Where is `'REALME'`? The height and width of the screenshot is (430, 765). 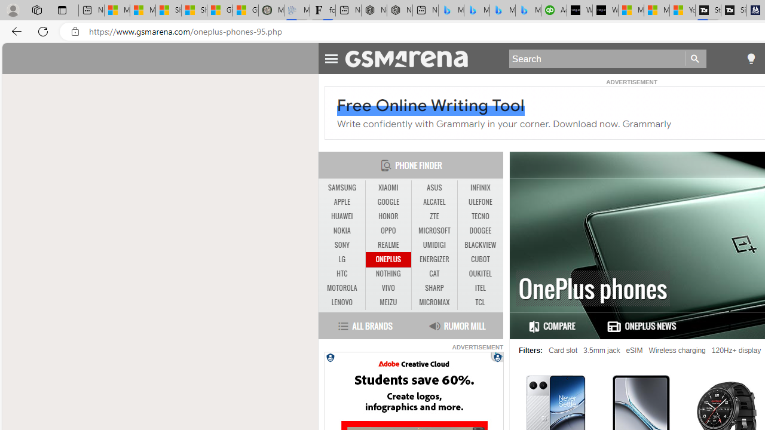
'REALME' is located at coordinates (388, 244).